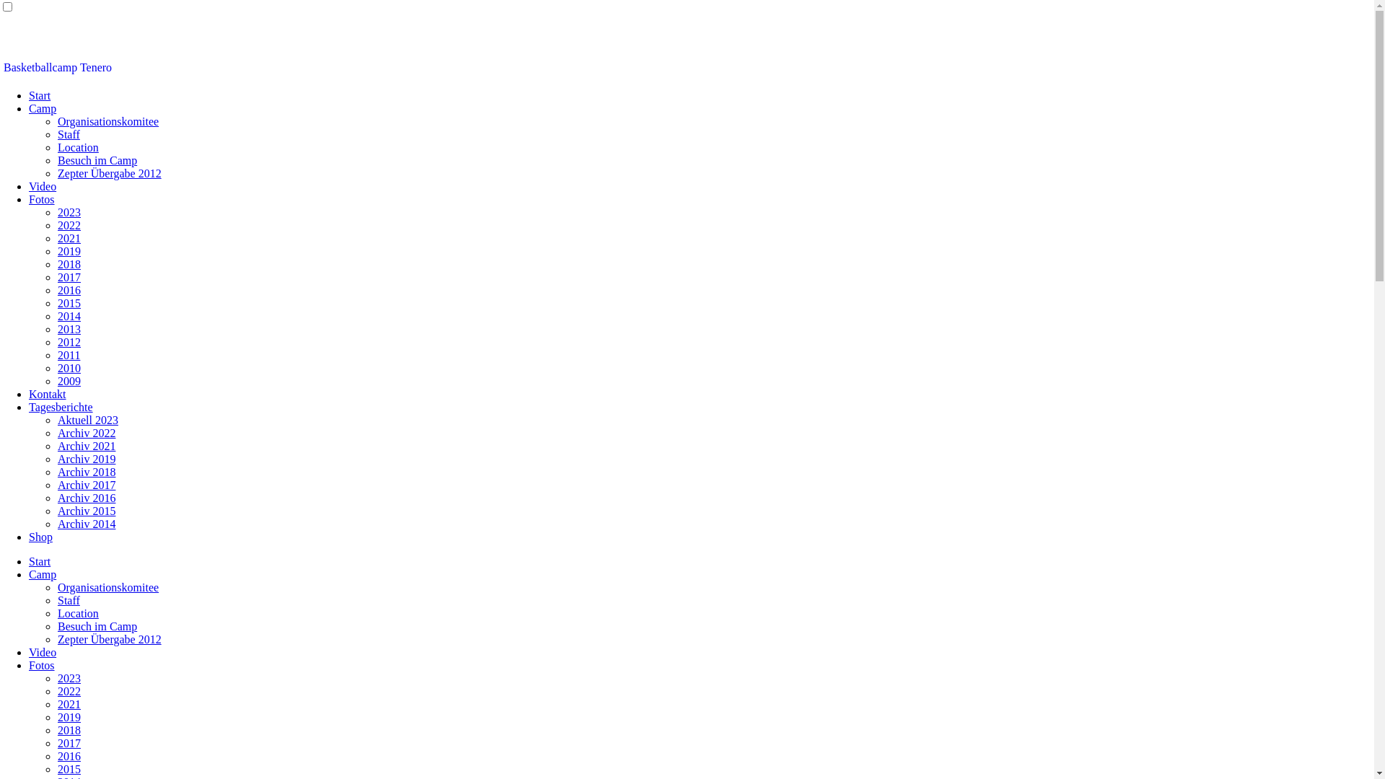 Image resolution: width=1385 pixels, height=779 pixels. I want to click on 'Location', so click(77, 147).